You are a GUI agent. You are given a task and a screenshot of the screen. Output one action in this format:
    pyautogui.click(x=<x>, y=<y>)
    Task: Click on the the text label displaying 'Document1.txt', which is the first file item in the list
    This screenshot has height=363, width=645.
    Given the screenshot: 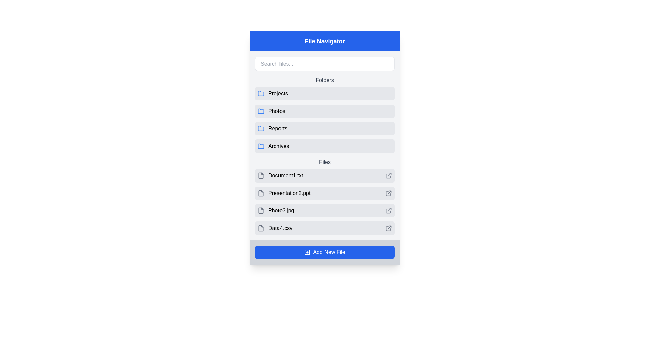 What is the action you would take?
    pyautogui.click(x=286, y=175)
    